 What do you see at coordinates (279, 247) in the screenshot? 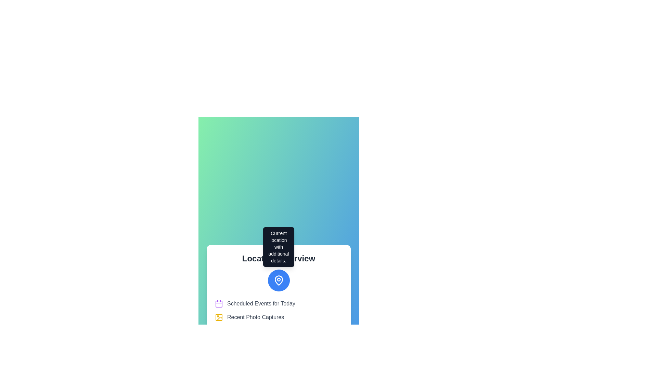
I see `the tooltip with the message 'Current location with additional details.', which is a rectangular box with a dark background and white text, located above a circular pin icon` at bounding box center [279, 247].